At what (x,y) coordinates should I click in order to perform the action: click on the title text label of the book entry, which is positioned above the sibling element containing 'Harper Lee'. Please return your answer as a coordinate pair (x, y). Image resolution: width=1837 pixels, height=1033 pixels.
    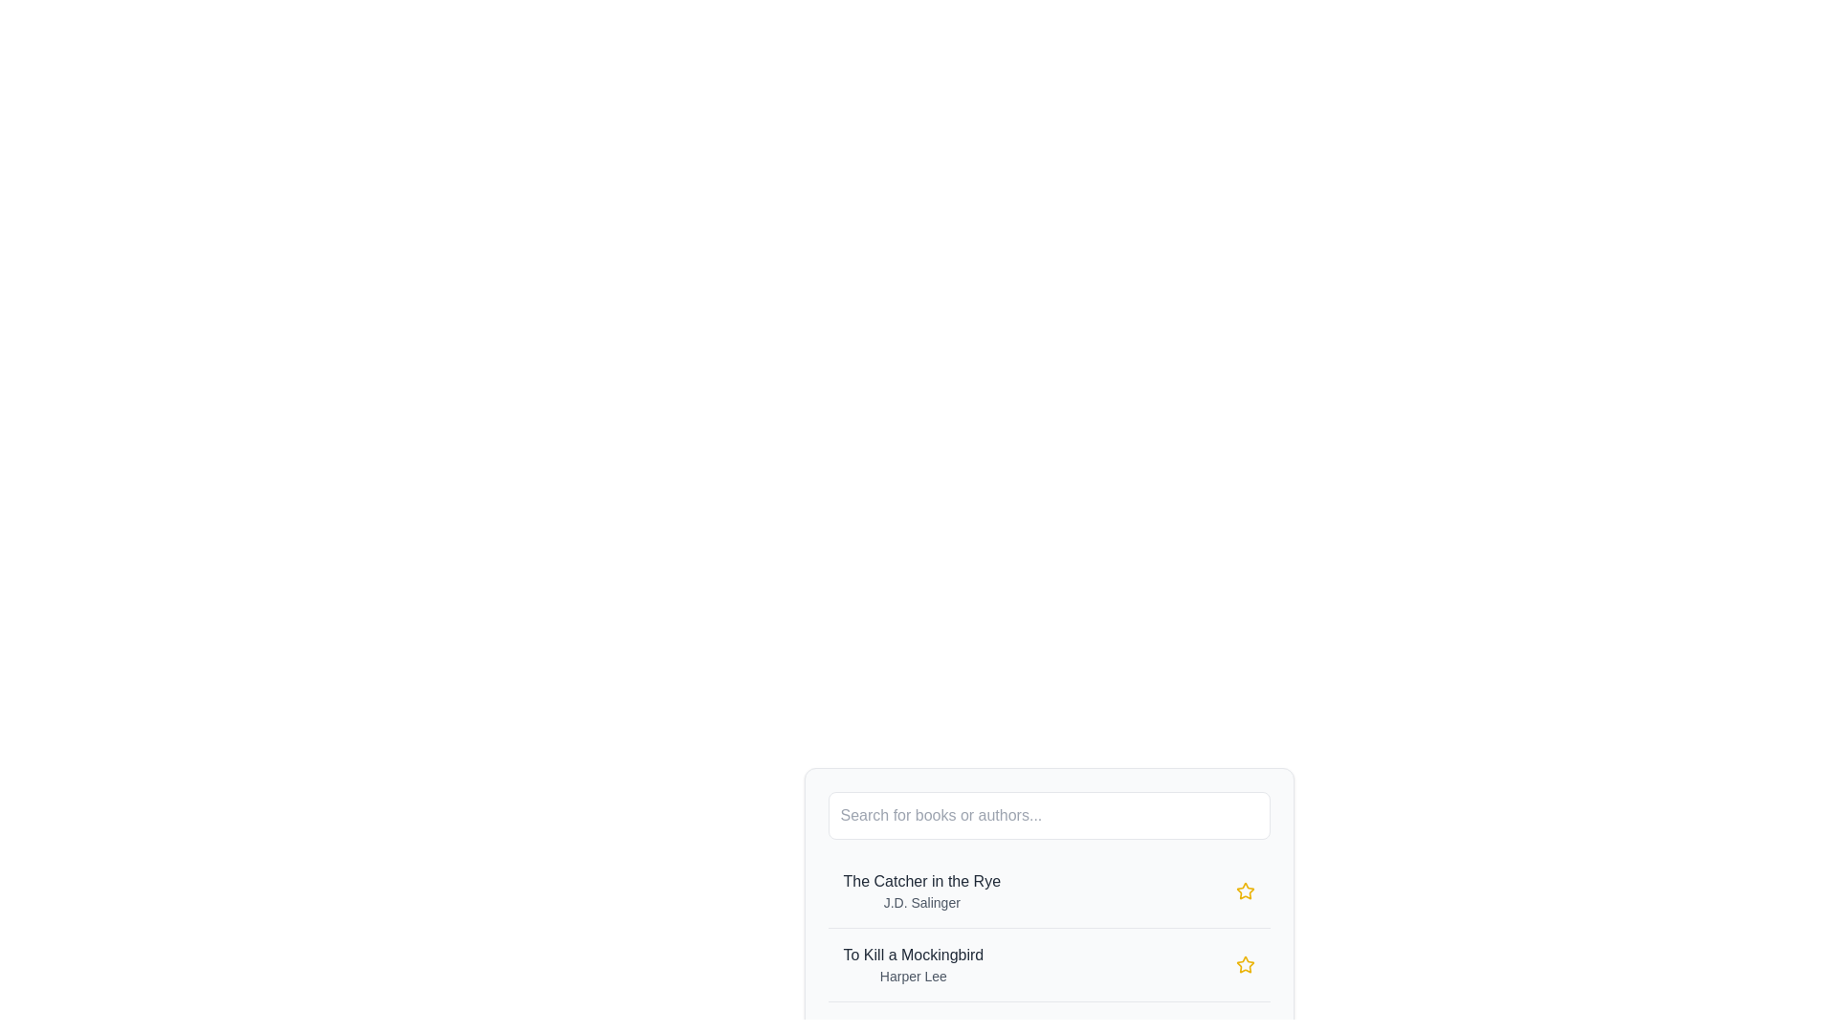
    Looking at the image, I should click on (912, 956).